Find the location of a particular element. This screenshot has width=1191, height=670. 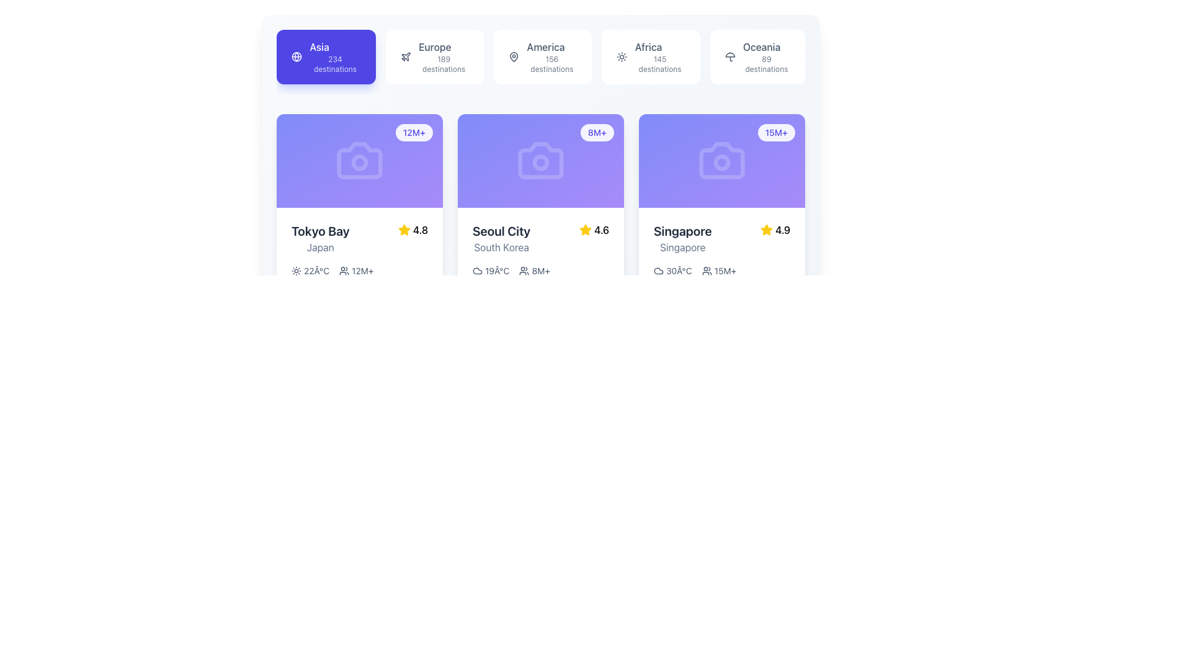

the travel destination summary card that displays key information such as city name, country, rating, temperature, and population, located is located at coordinates (541, 242).